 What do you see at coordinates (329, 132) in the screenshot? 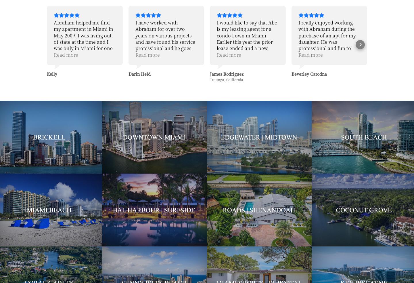
I see `'Abe is simply the best condo broker I've ever worked with. Not only does he know his business very well and make himself available to you at all times, but he also tells it to you straight so you can make the most informed decisions in a timely manner. It's clear that Abe is in this business for the right reasons, which is to make his clients happy by finding them the right place at the right price. We can't thank you enough for helping us find the perfect place for our new family! Your efficiency and professionalism is refreshing and greatly appreciated. You made it so simple from start to finish. We could not have pulled it off so quickly and painlessly without you. It's hard to believe you secured the deal in one afternoon! We will ALWAYS refer our friends and family to you for their real estate needs. We know, for a fact, they would be in the best hands in all of South Florida!'` at bounding box center [329, 132].